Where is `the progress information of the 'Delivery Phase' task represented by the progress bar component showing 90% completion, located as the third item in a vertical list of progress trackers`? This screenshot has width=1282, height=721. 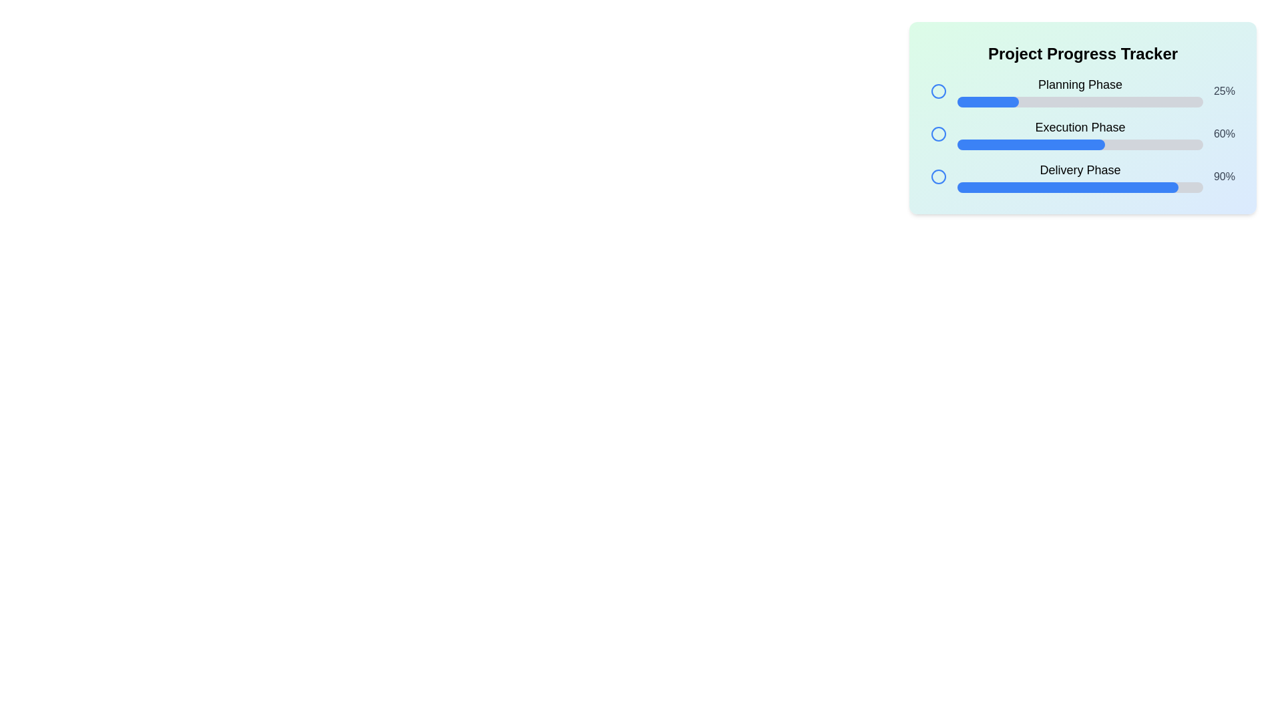
the progress information of the 'Delivery Phase' task represented by the progress bar component showing 90% completion, located as the third item in a vertical list of progress trackers is located at coordinates (1083, 176).